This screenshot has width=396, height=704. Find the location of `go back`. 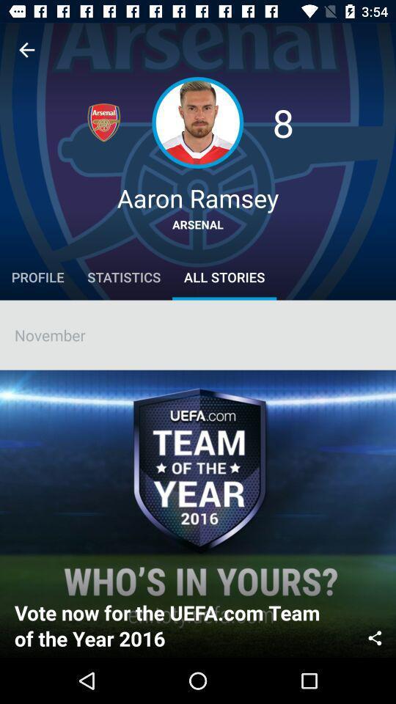

go back is located at coordinates (26, 50).